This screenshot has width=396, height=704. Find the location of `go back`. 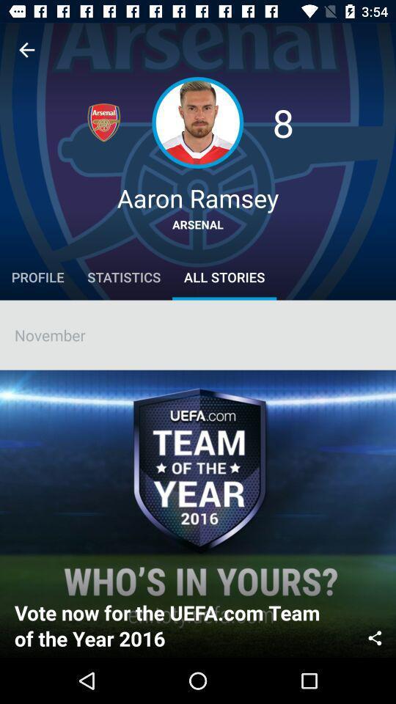

go back is located at coordinates (26, 50).